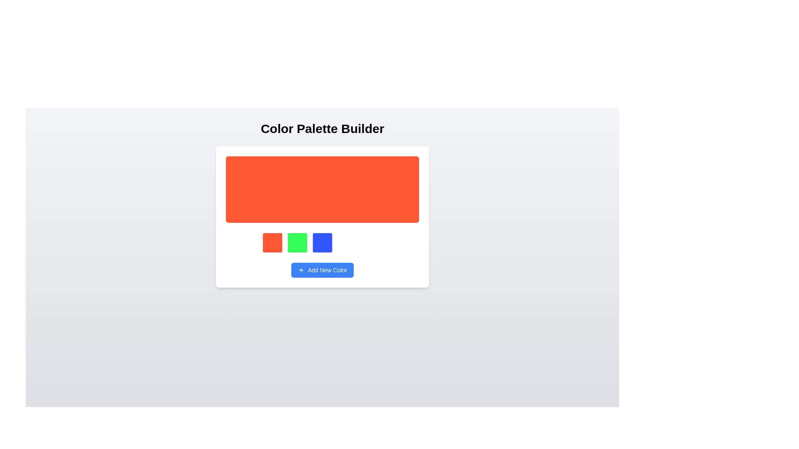 This screenshot has width=799, height=449. Describe the element at coordinates (322, 242) in the screenshot. I see `the third color selection button` at that location.